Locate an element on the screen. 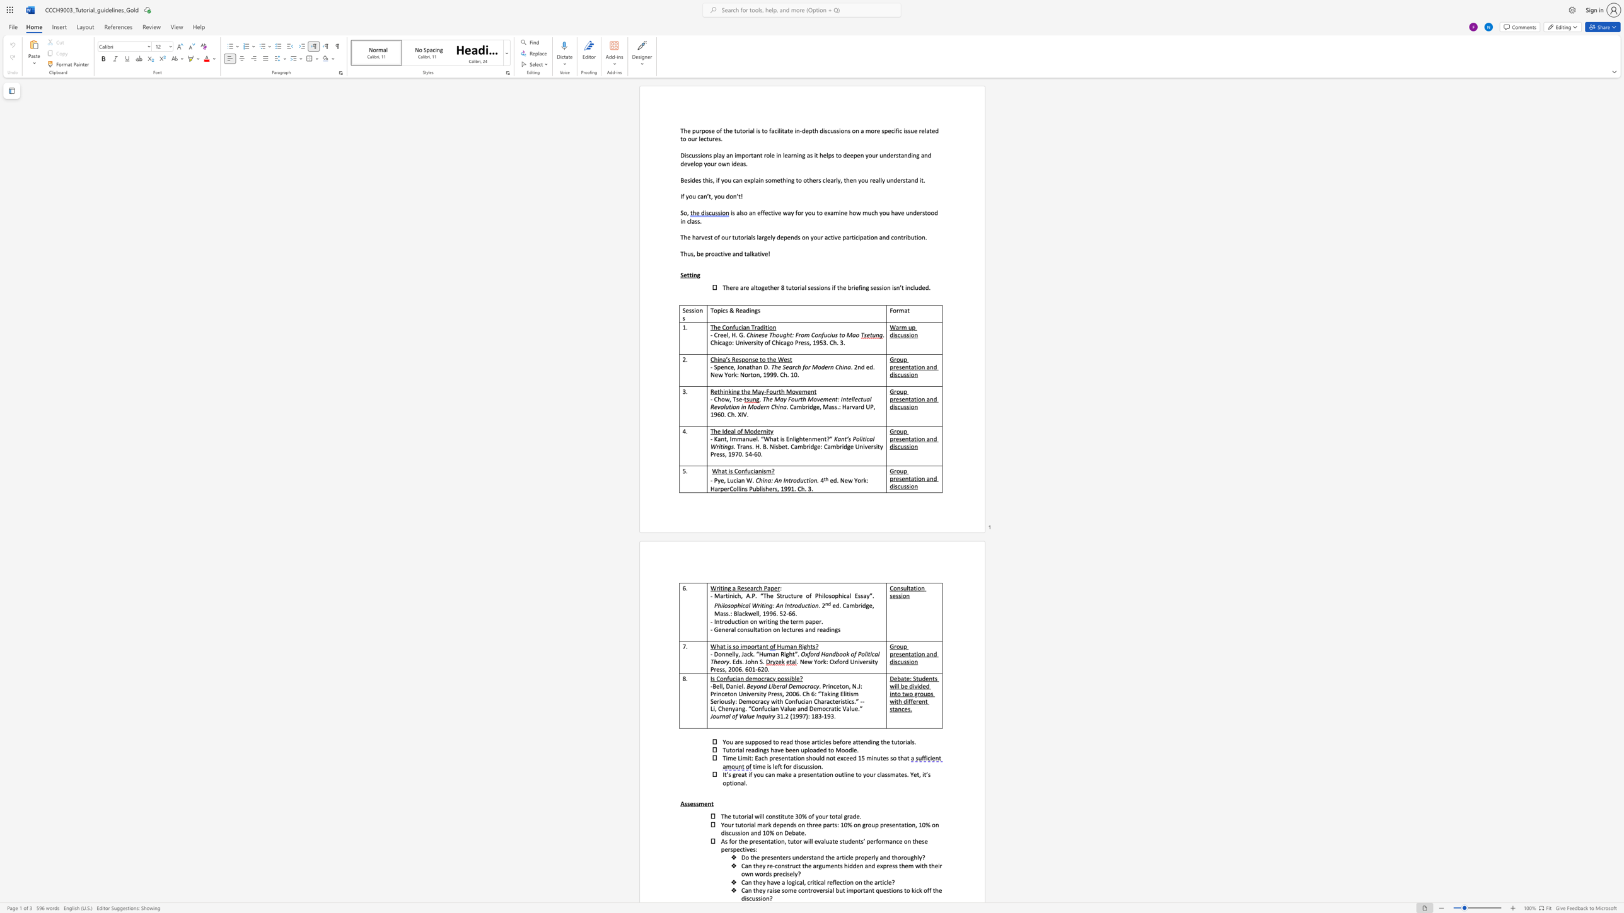  the subset text "ress, 1970. 54-" within the text ". Trans. H. B. Nisbet. Cambridge: Cambridge University Press, 1970. 54-60." is located at coordinates (714, 454).